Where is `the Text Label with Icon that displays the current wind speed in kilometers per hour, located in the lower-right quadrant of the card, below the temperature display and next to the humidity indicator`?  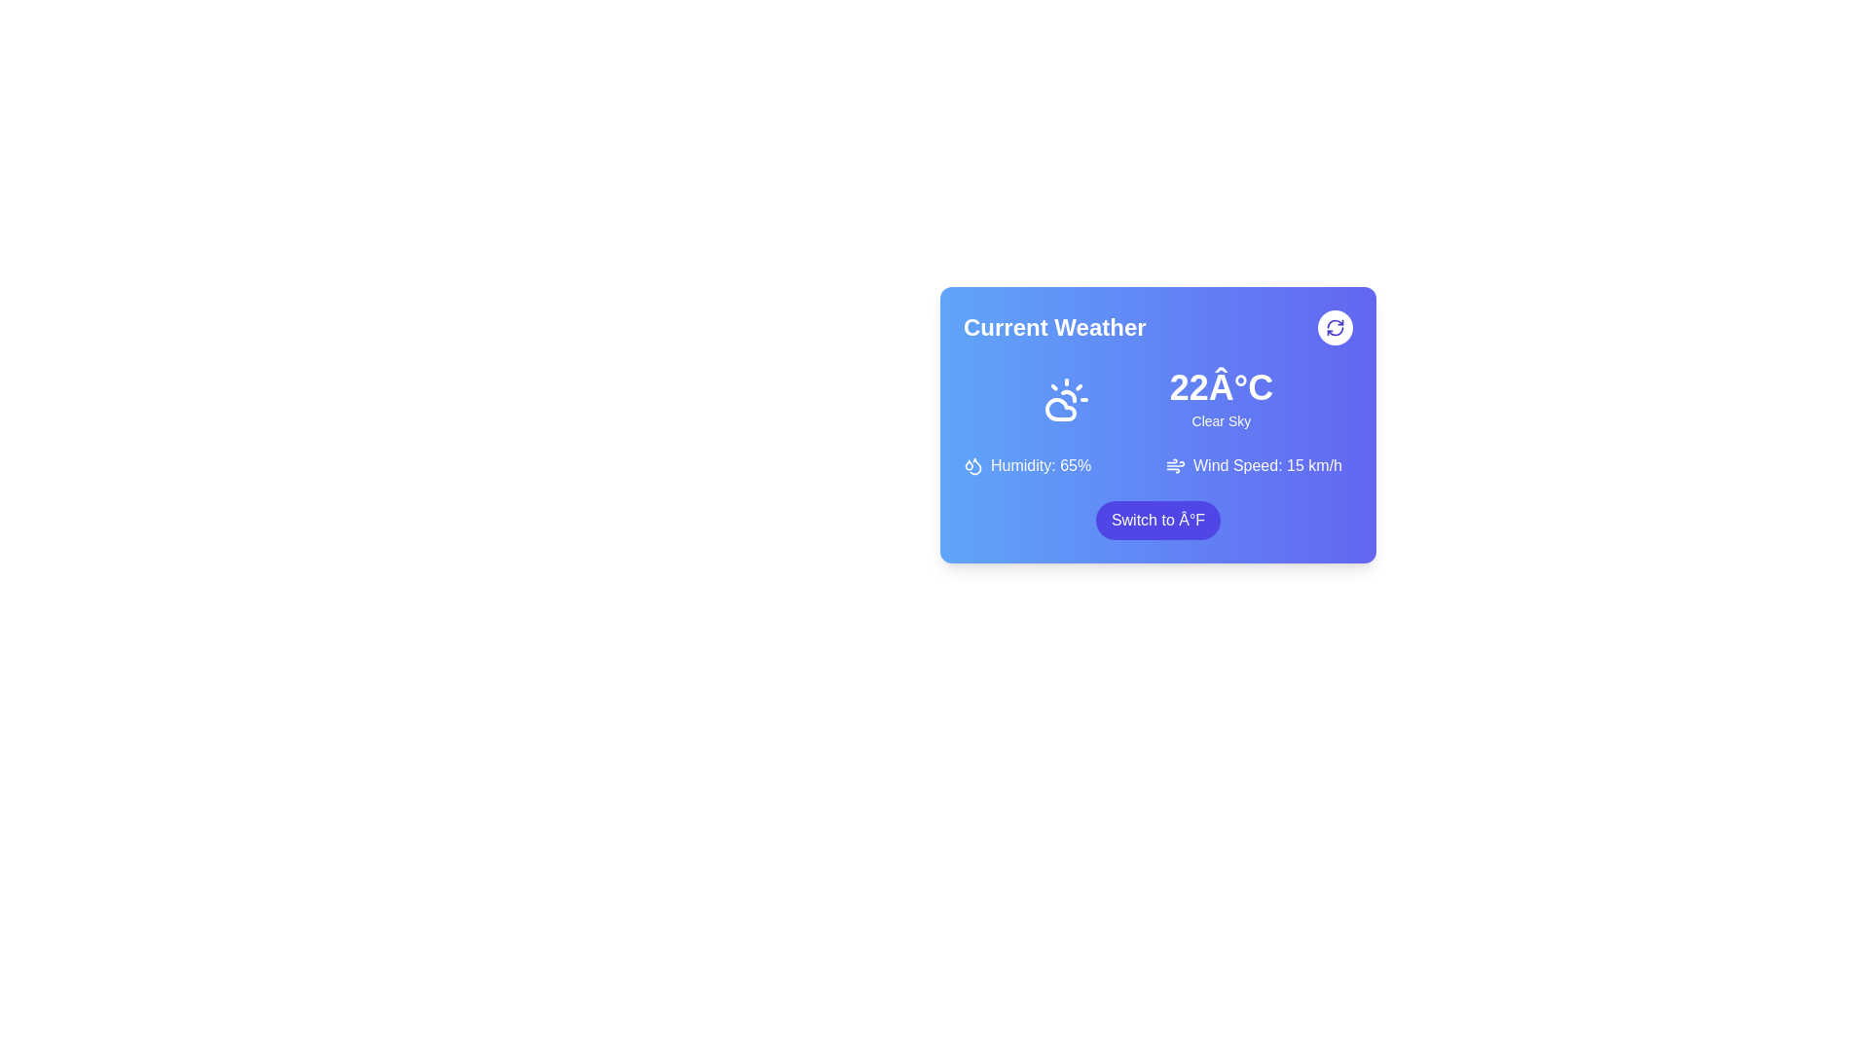
the Text Label with Icon that displays the current wind speed in kilometers per hour, located in the lower-right quadrant of the card, below the temperature display and next to the humidity indicator is located at coordinates (1260, 465).